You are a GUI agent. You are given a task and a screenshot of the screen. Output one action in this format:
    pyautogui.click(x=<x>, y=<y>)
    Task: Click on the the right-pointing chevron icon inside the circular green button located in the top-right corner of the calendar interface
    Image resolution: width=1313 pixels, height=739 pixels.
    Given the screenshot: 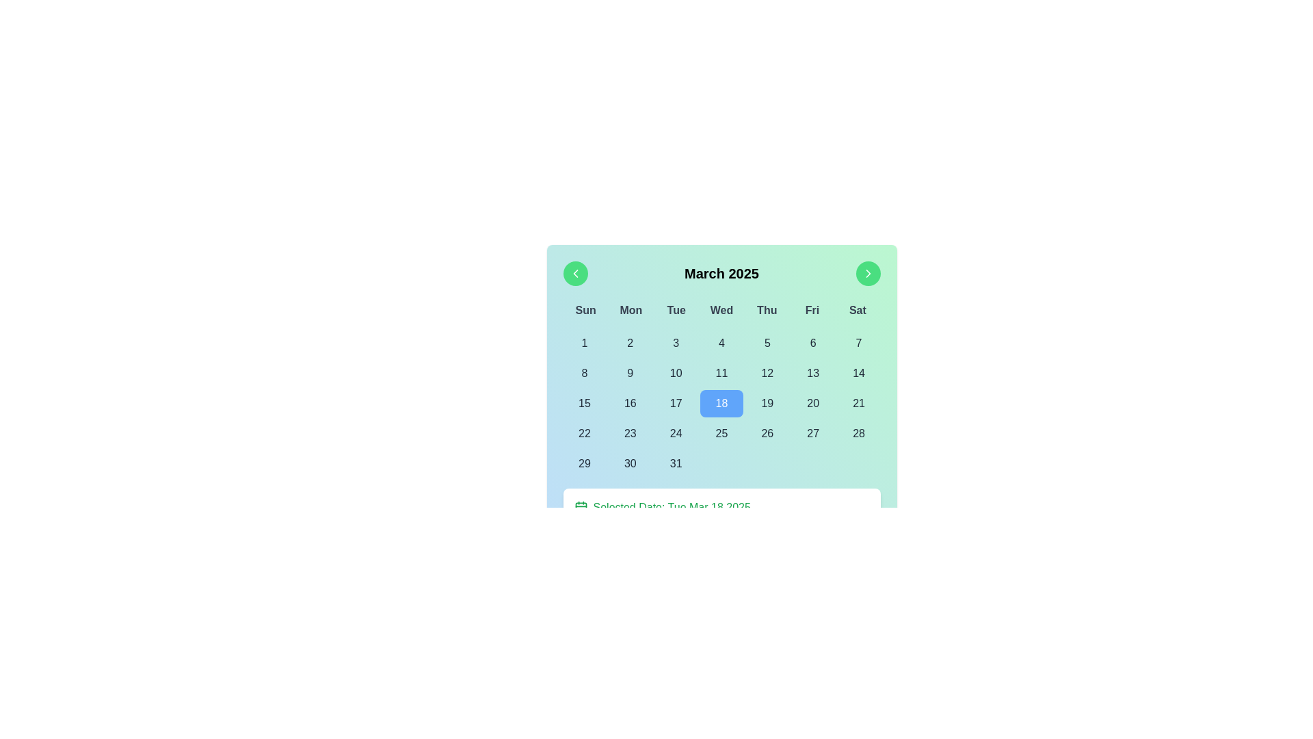 What is the action you would take?
    pyautogui.click(x=867, y=274)
    